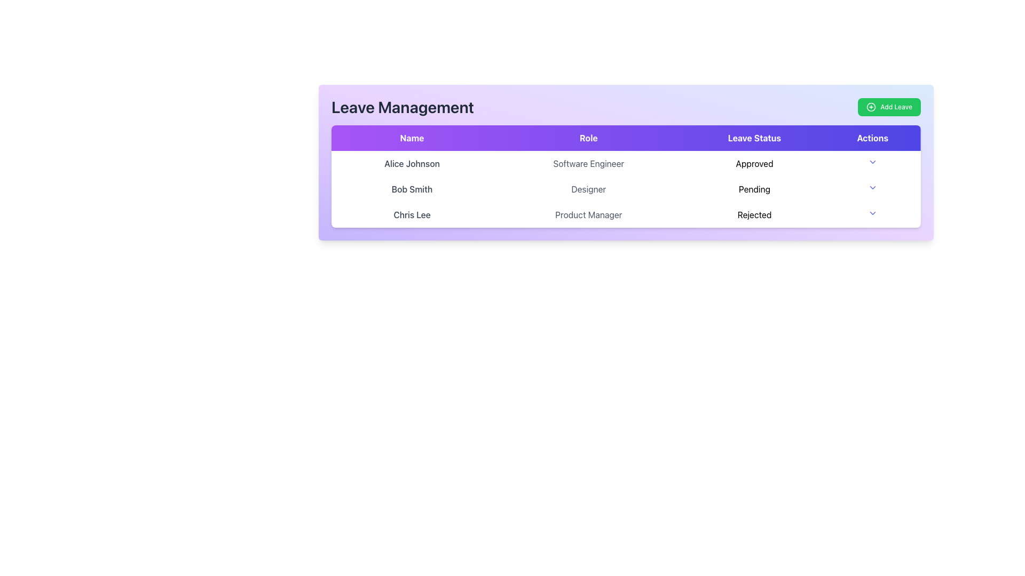 This screenshot has width=1025, height=576. What do you see at coordinates (588, 137) in the screenshot?
I see `the header label indicating roles in the table, positioned between 'Name' and 'Leave Status'` at bounding box center [588, 137].